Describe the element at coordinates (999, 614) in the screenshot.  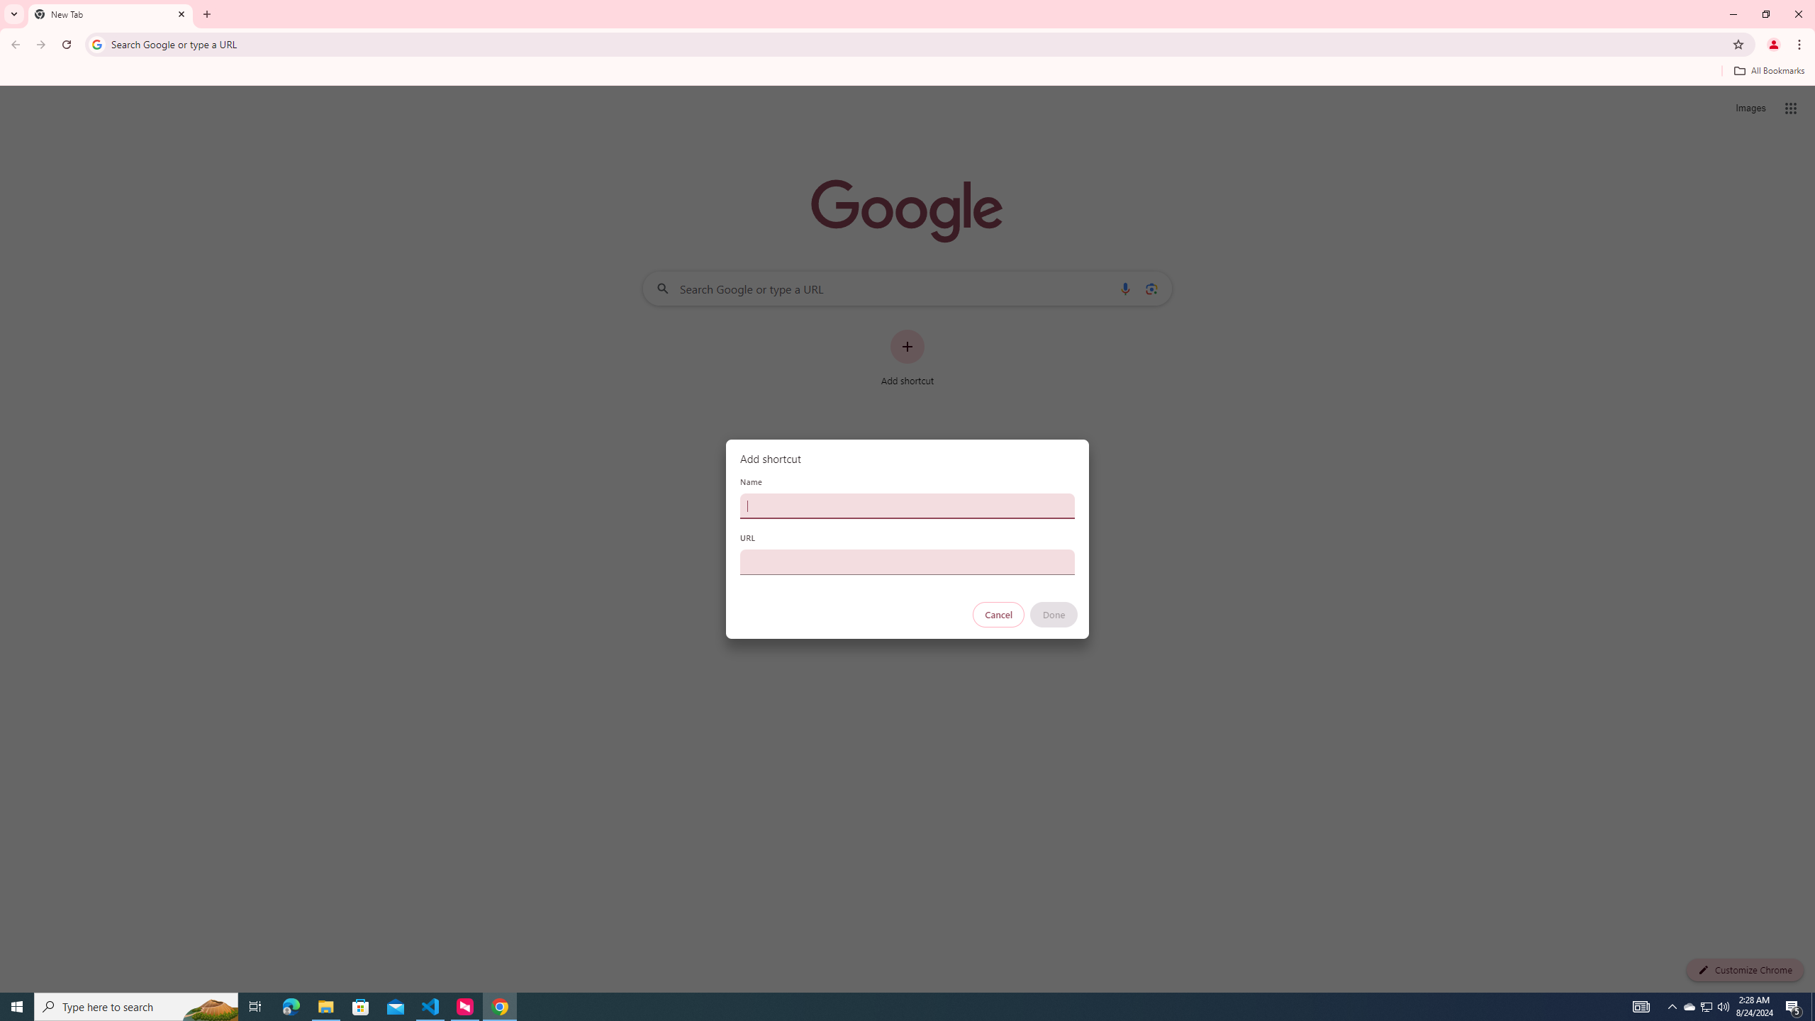
I see `'Cancel'` at that location.